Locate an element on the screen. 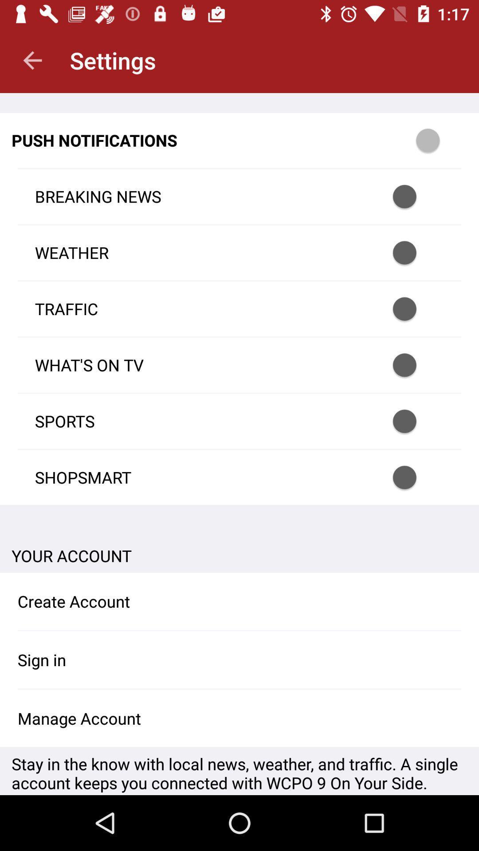 The height and width of the screenshot is (851, 479). push notification for breaking news is located at coordinates (416, 196).